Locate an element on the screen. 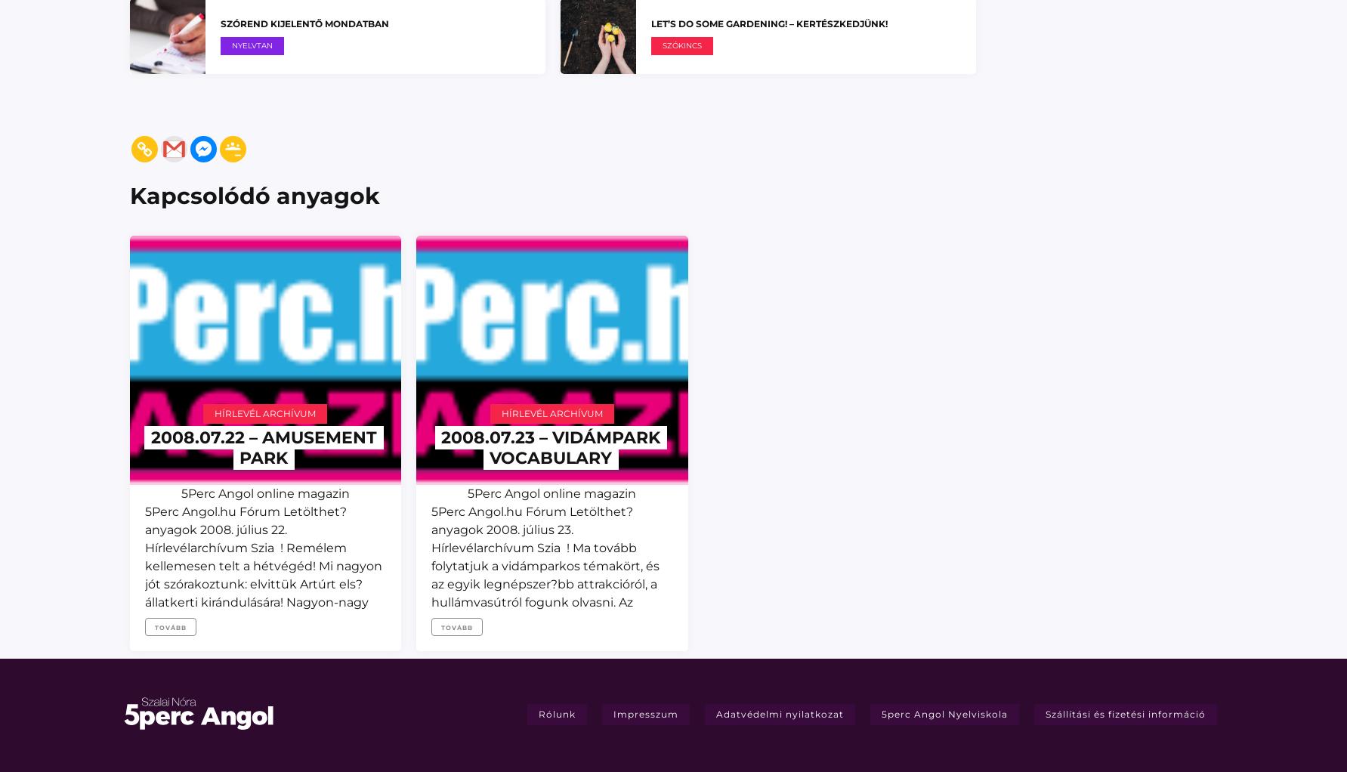  '5Perc Angol online magazin 5Perc Angol.hu Fórum Letölthet? anyagok 2008. július 23. Hírlevélarchívum Szia  ! Ma tovább folytatjuk a vidámparkos témakört, és az egyik legnépszer?bb attrakcióról, a hullámvasútról fogunk olvasni. Az olvasmány után egy rövid feladat következik, majd egy képes szótár azokról az ételekr?l, amiket általában egy vidámparkban vagy' is located at coordinates (544, 583).